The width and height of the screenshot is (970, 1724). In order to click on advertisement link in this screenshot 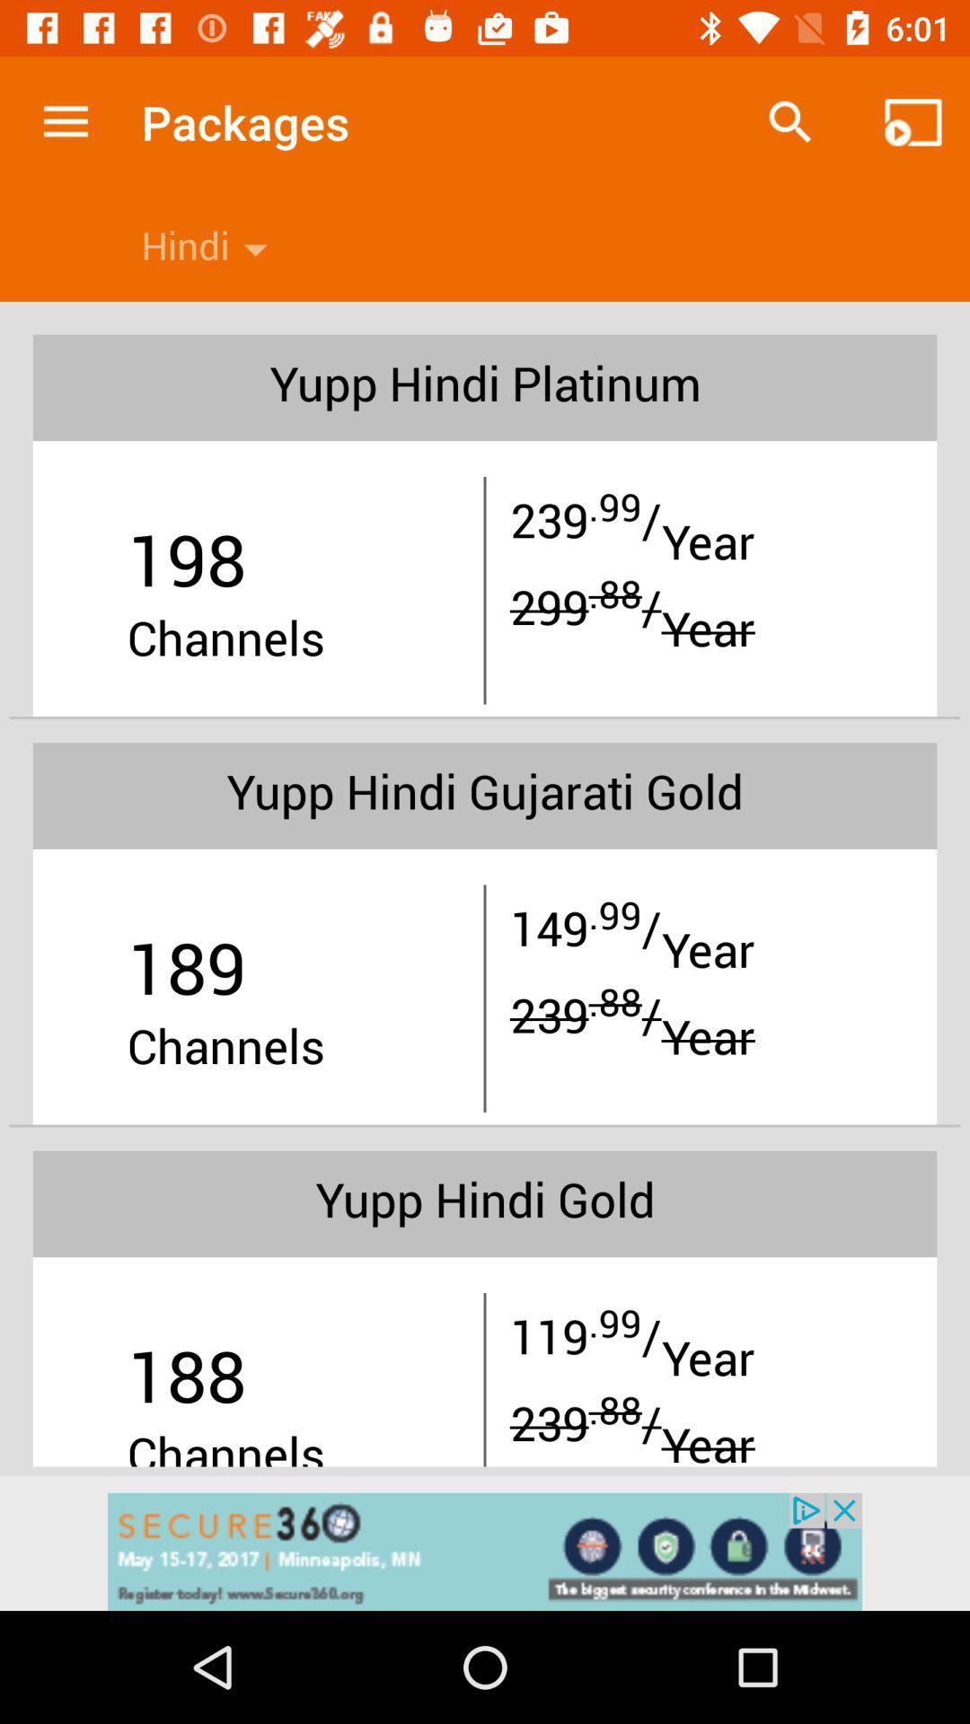, I will do `click(485, 1551)`.